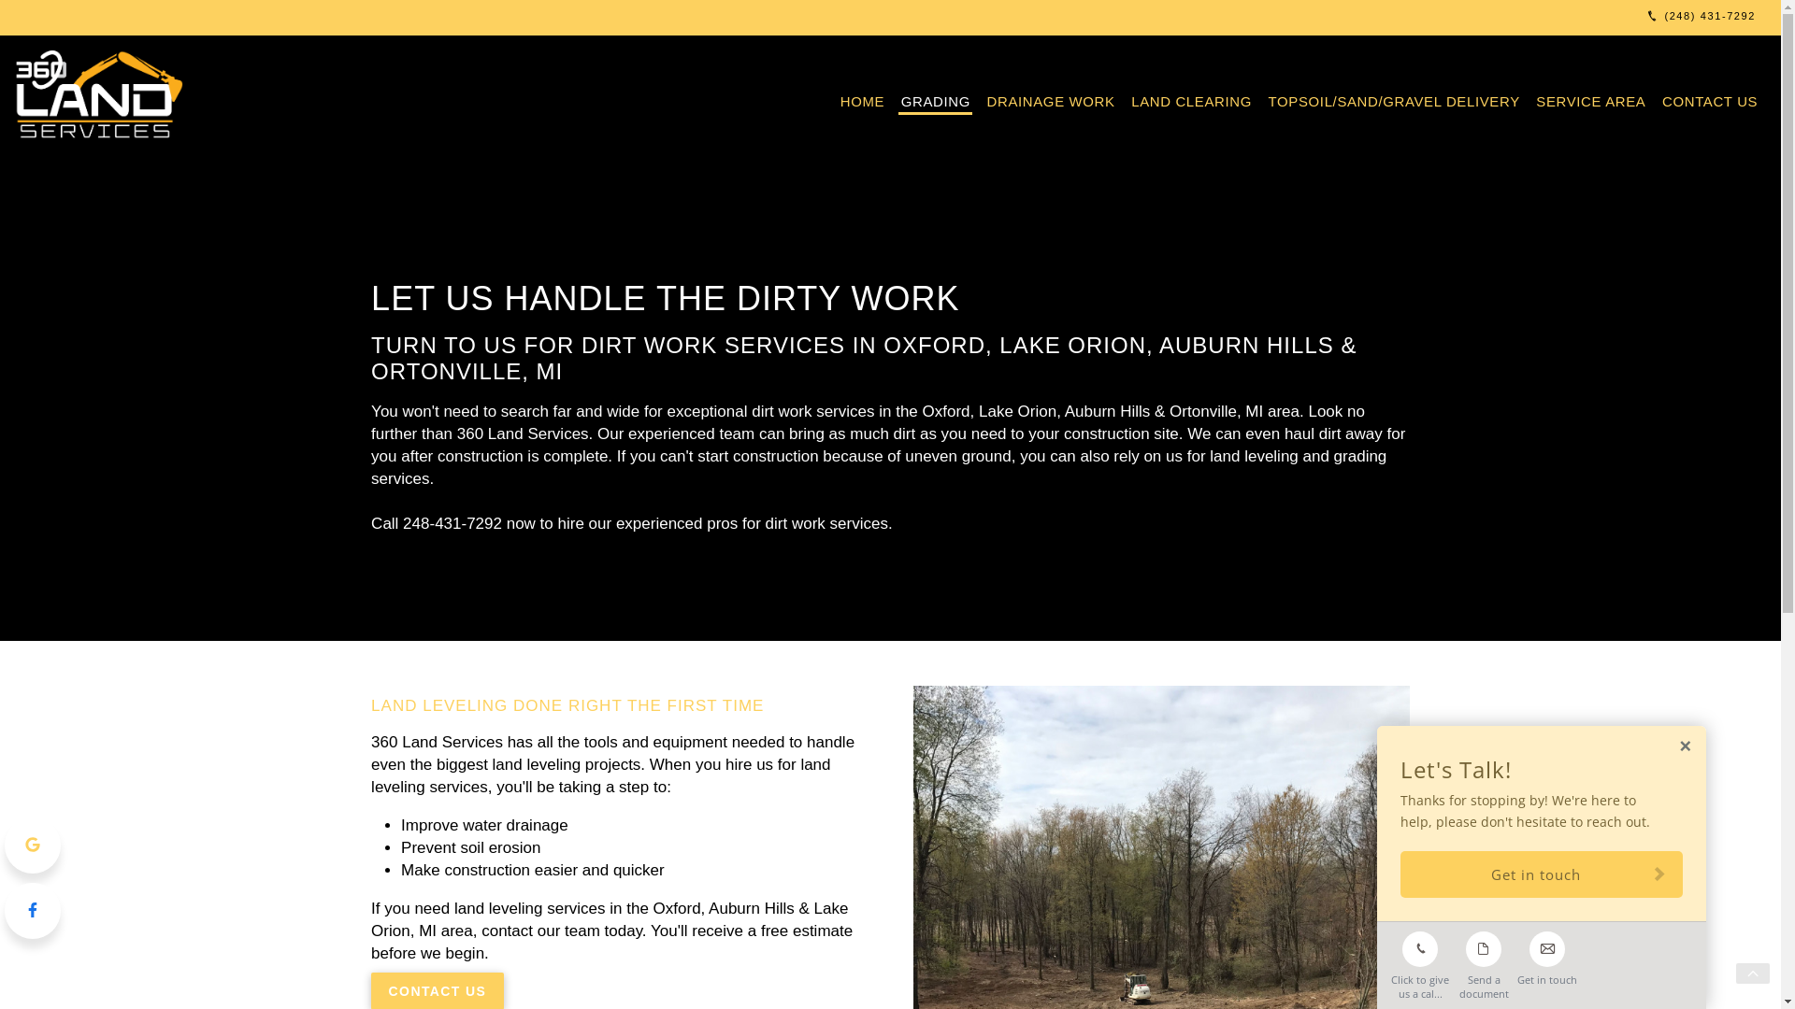  I want to click on 'Get in touch', so click(1542, 874).